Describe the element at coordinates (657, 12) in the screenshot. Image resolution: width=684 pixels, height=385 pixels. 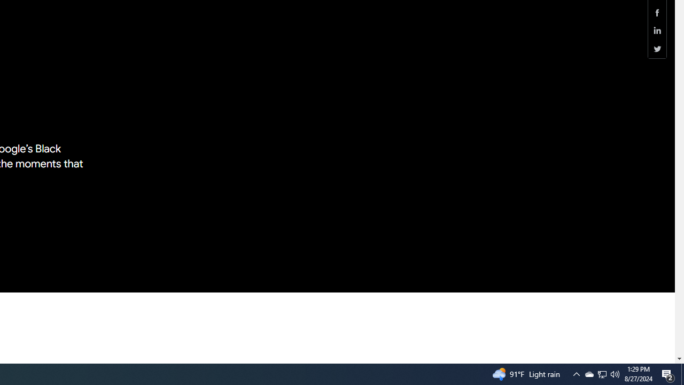
I see `'Share this page (Facebook)'` at that location.